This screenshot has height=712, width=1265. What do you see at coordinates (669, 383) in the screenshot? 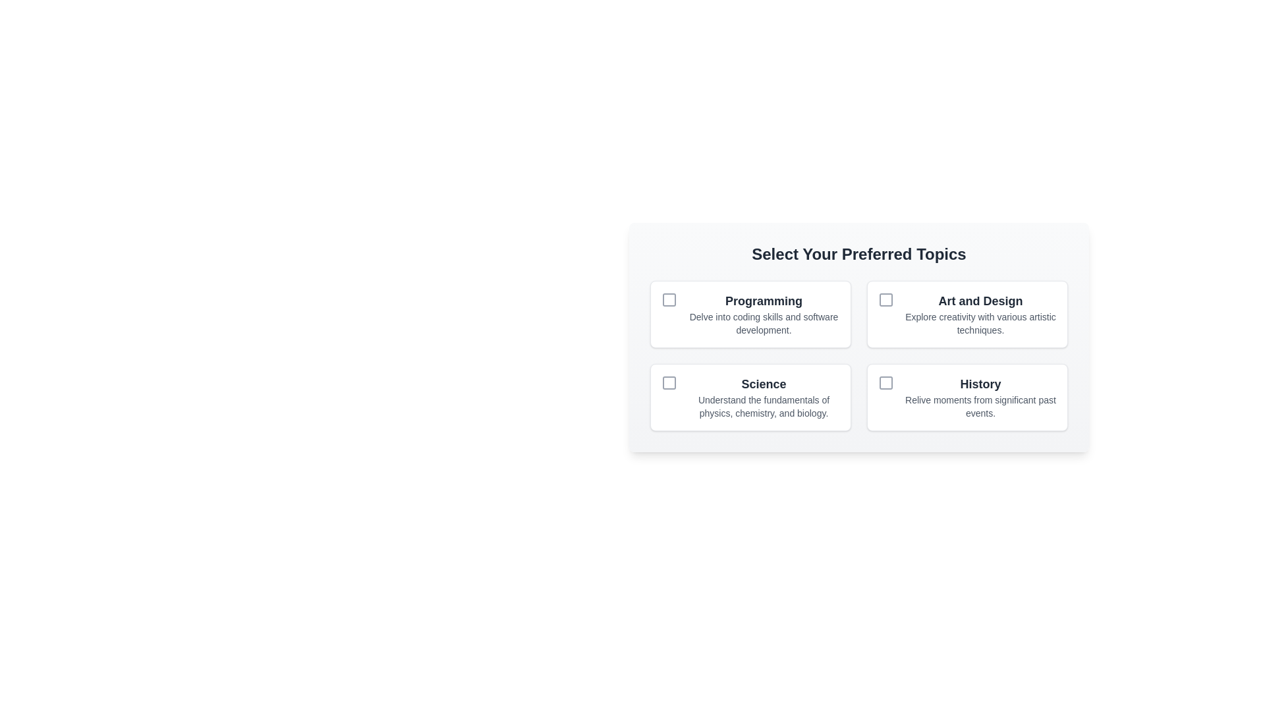
I see `the checkbox element for the 'Science' option, which is a small square with rounded corners and a gray border` at bounding box center [669, 383].